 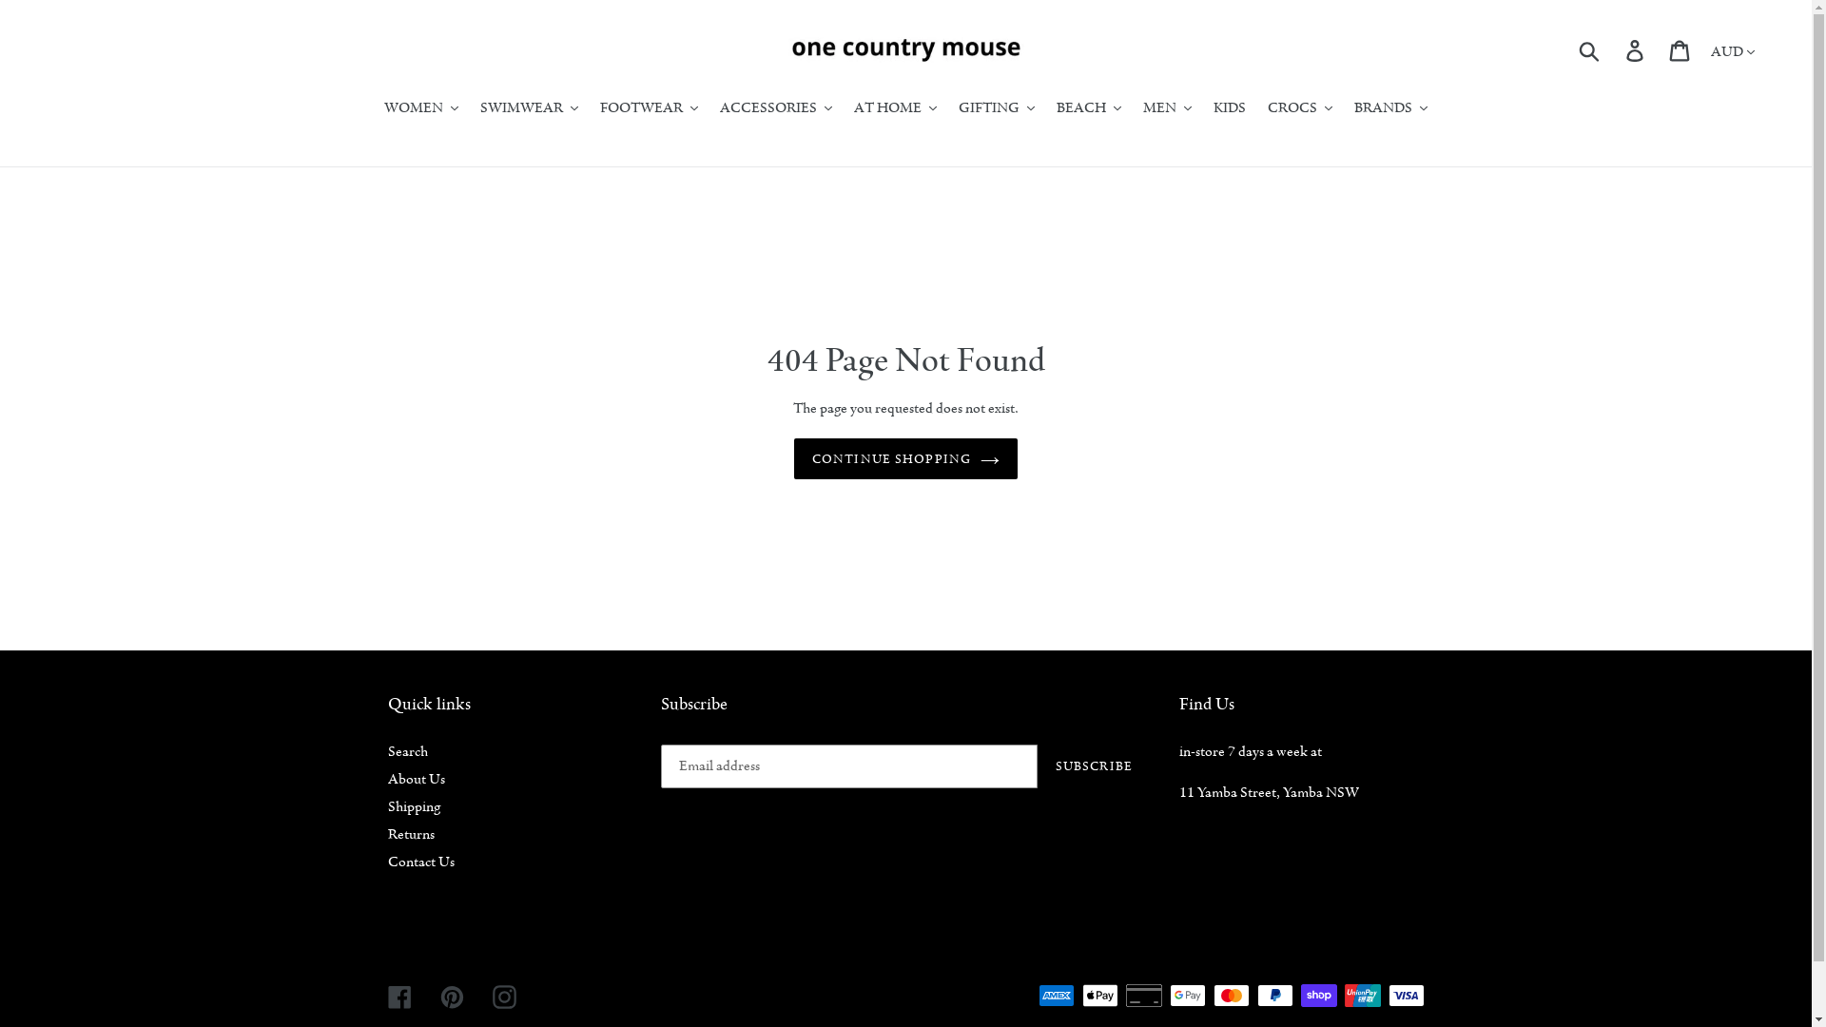 What do you see at coordinates (1229, 108) in the screenshot?
I see `'KIDS'` at bounding box center [1229, 108].